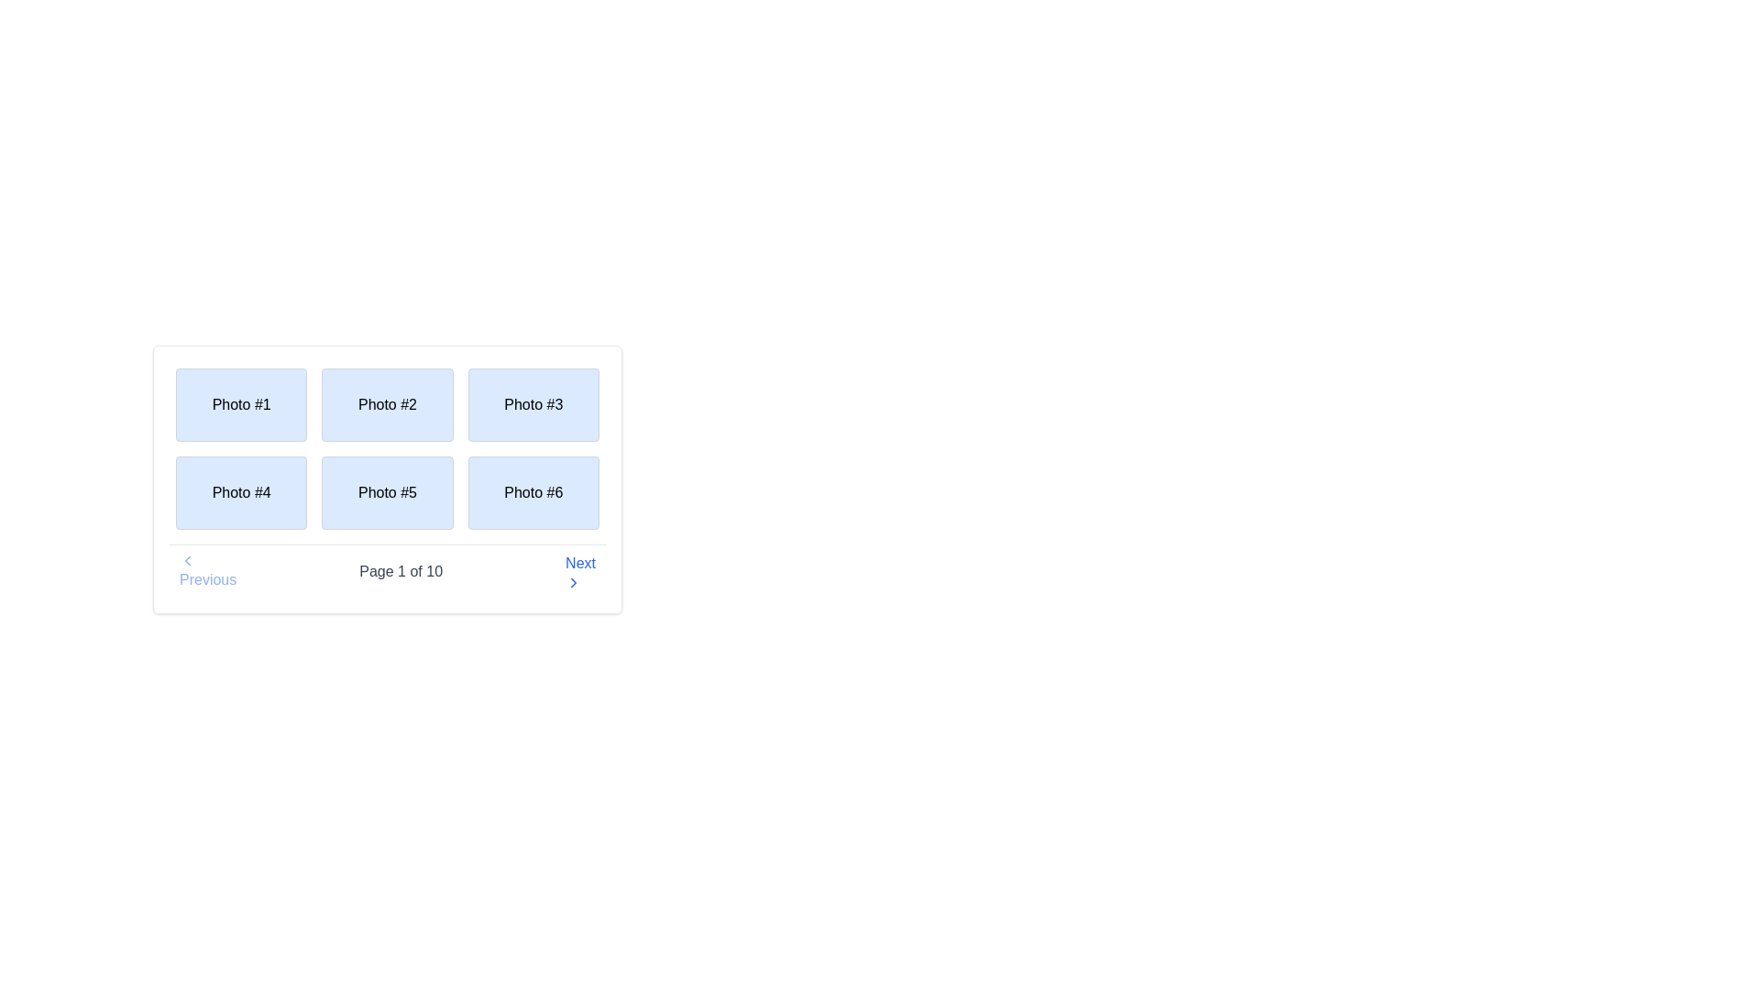  Describe the element at coordinates (573, 583) in the screenshot. I see `the chevron icon located within the 'Next' button at the bottom-right corner of the interface, which visually indicates forward navigation` at that location.